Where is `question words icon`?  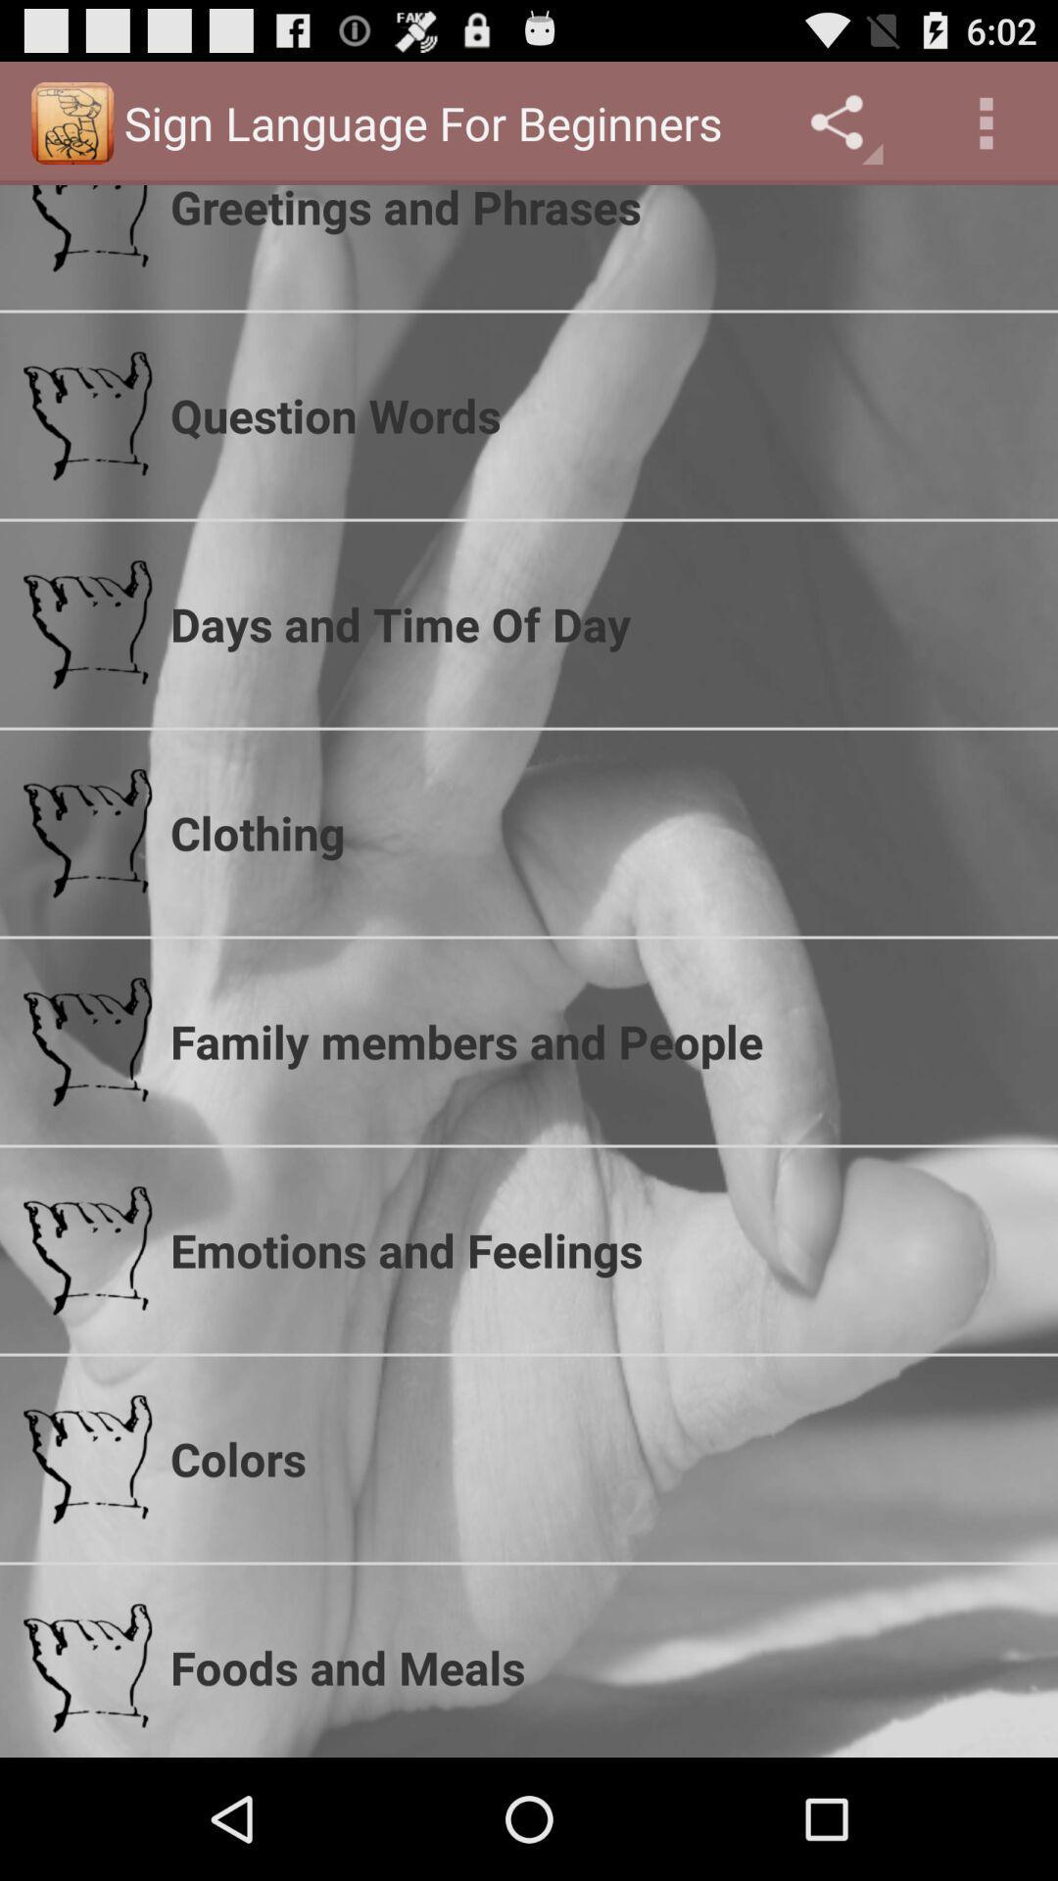 question words icon is located at coordinates (601, 414).